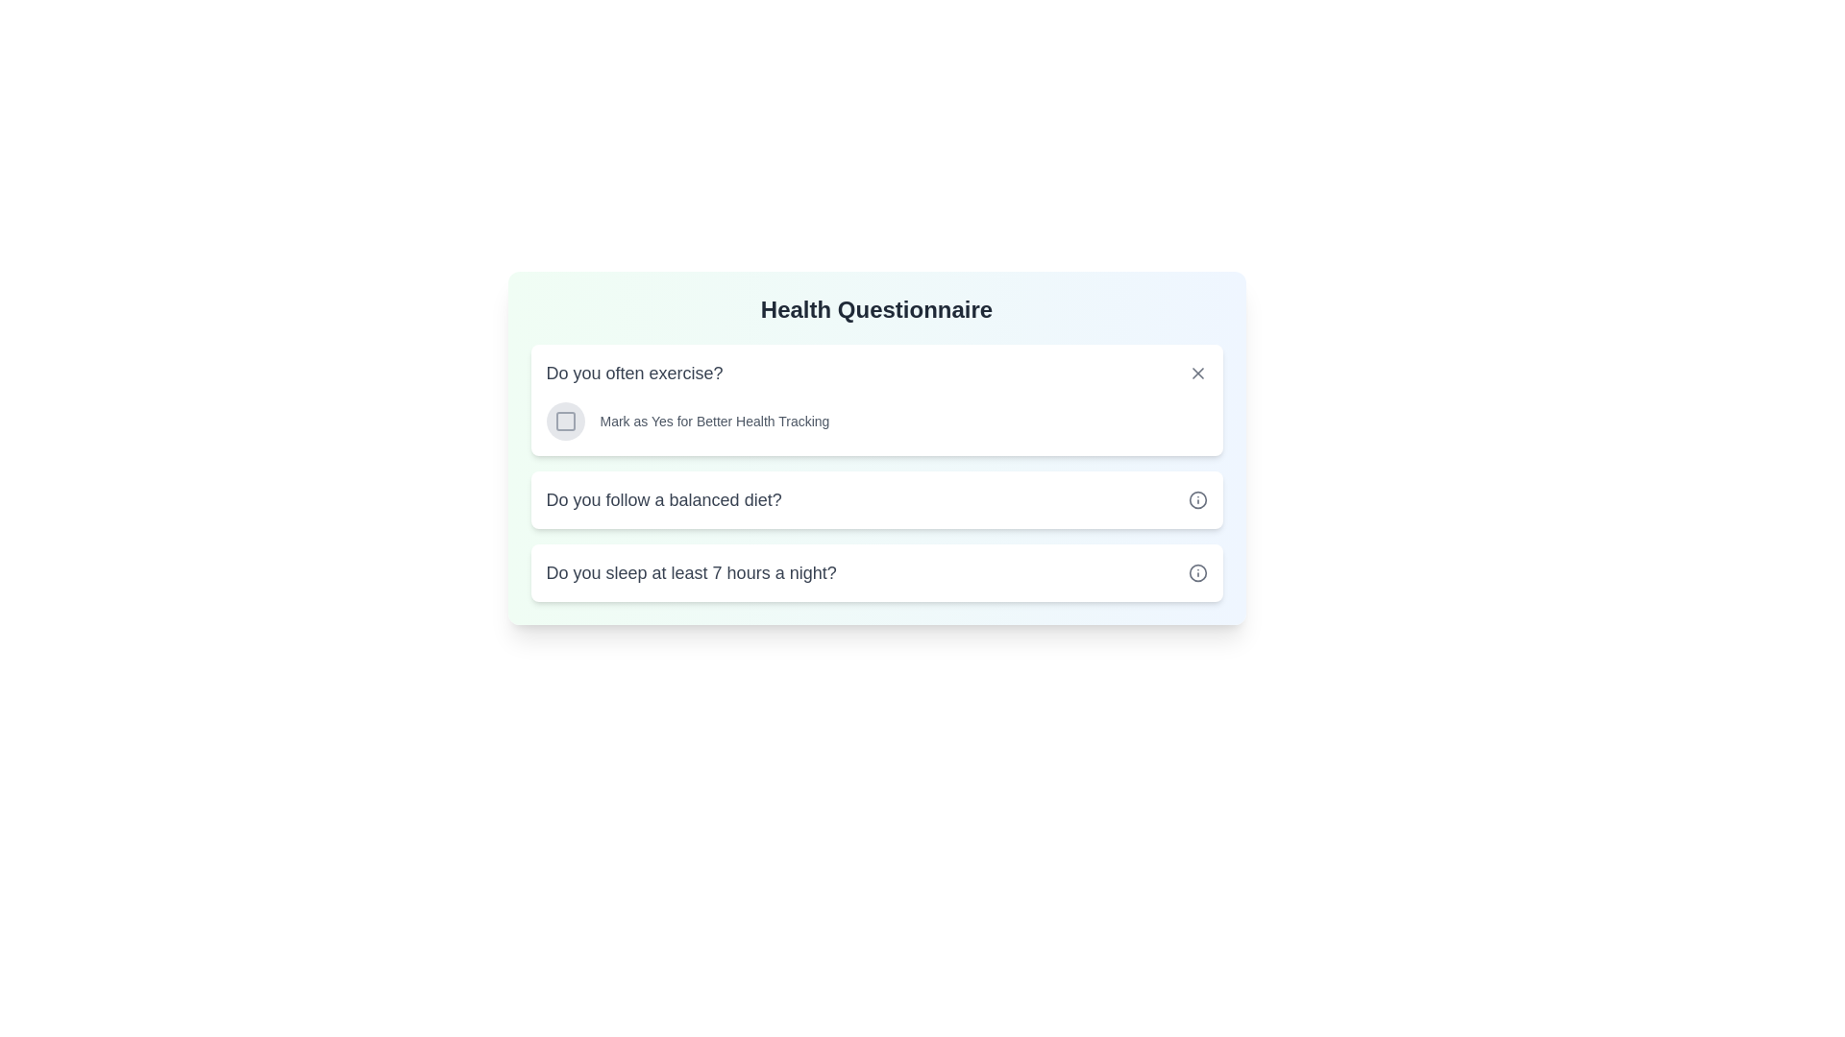 The height and width of the screenshot is (1037, 1845). Describe the element at coordinates (564, 421) in the screenshot. I see `the visual indicator or status icon within the first question card labeled 'Do you often exercise?', which is centered inside a 24x24 pixel square` at that location.